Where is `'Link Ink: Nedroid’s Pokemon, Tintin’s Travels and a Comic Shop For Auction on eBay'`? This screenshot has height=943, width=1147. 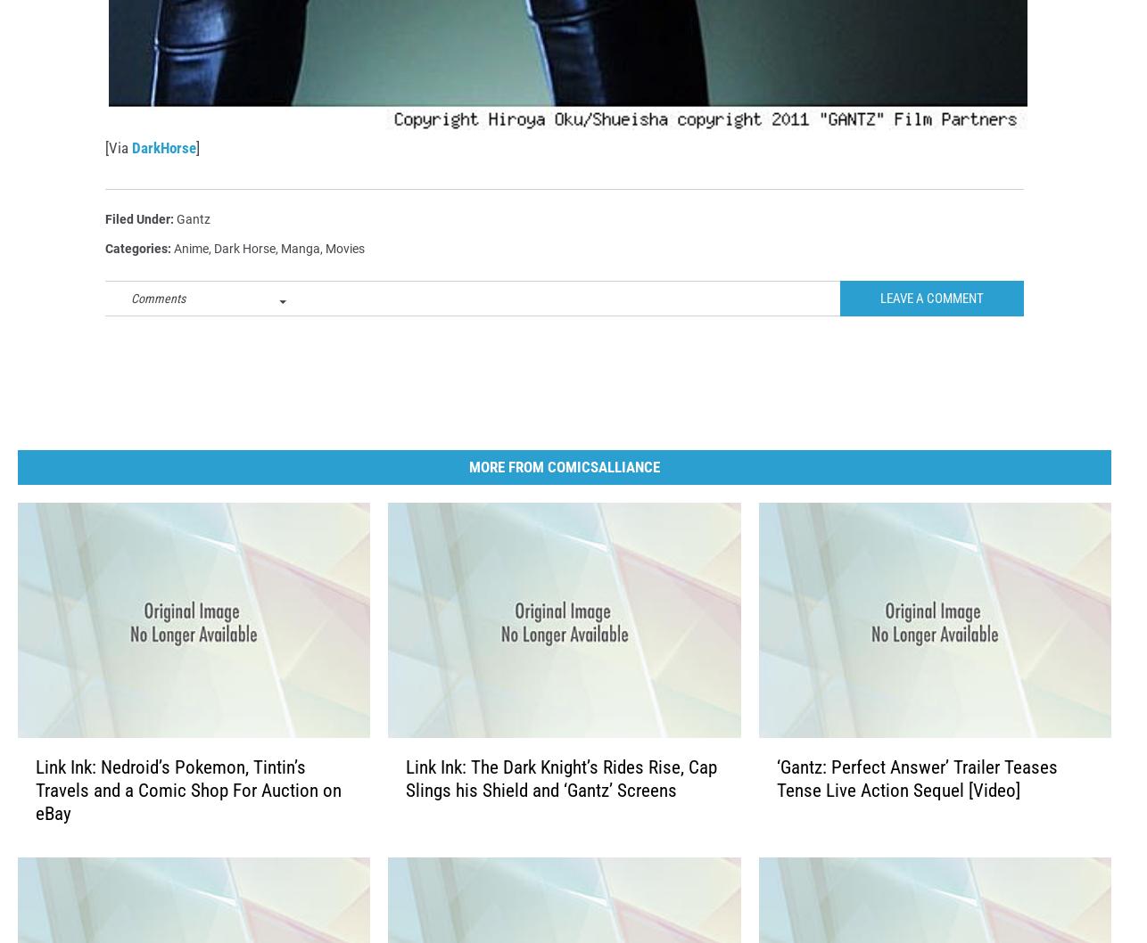 'Link Ink: Nedroid’s Pokemon, Tintin’s Travels and a Comic Shop For Auction on eBay' is located at coordinates (188, 818).